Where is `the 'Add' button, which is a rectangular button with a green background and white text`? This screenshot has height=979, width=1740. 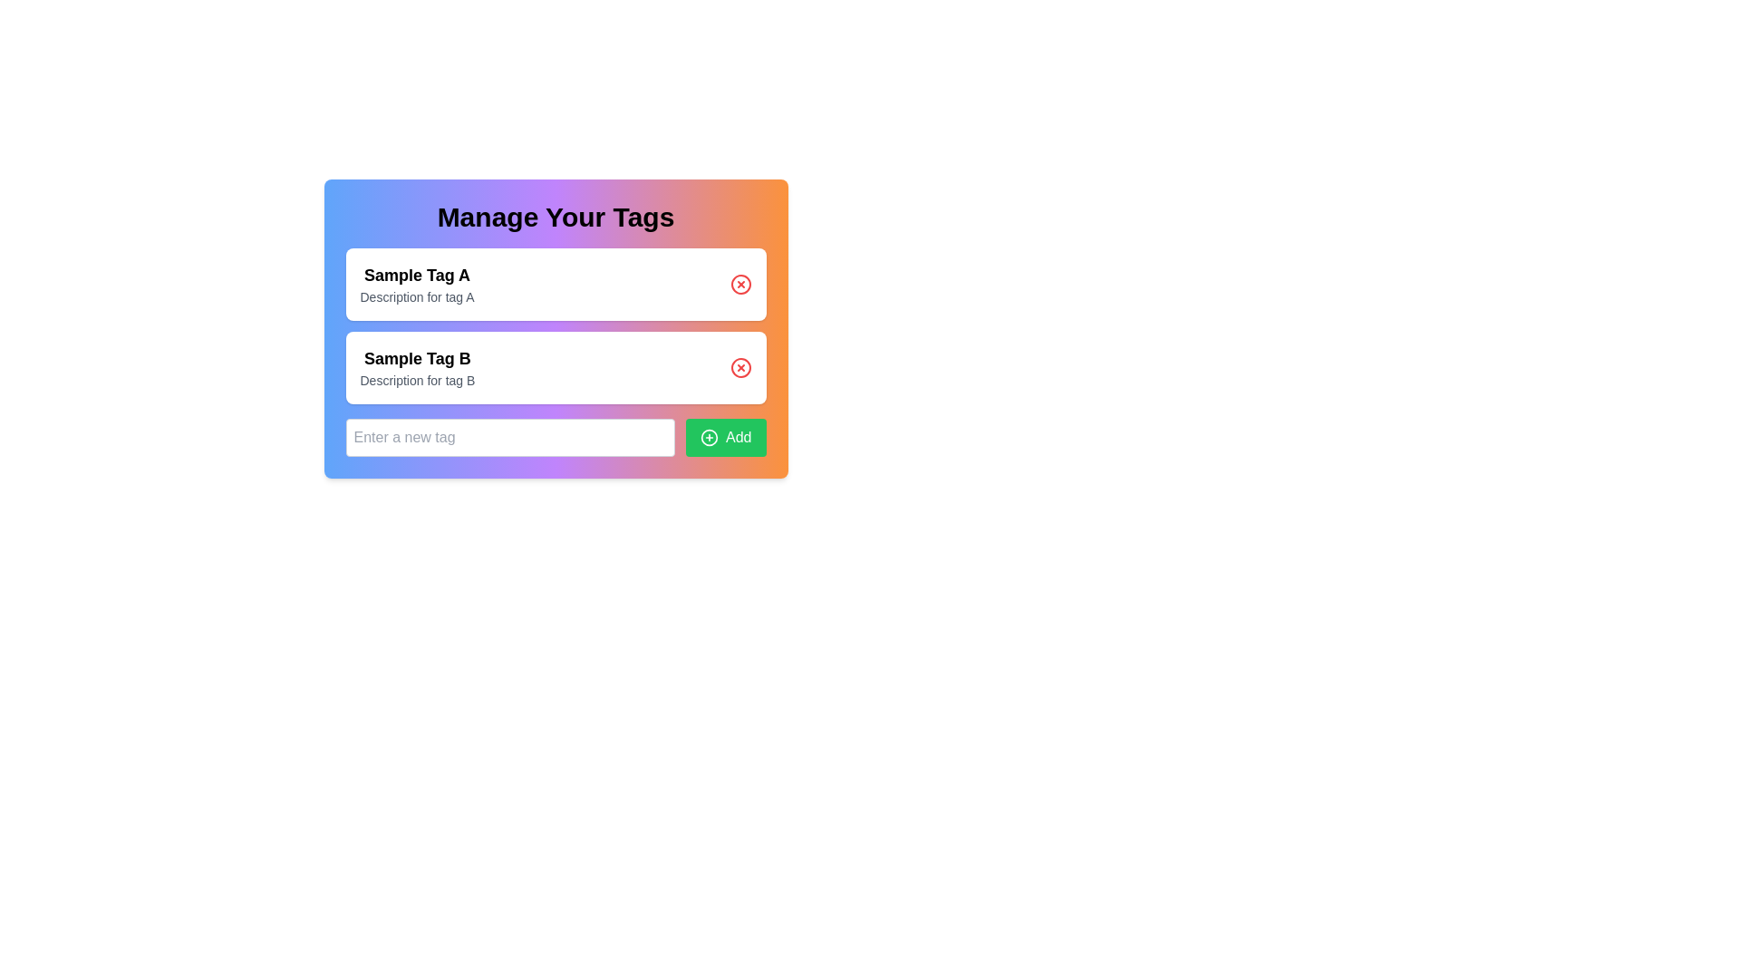 the 'Add' button, which is a rectangular button with a green background and white text is located at coordinates (726, 437).